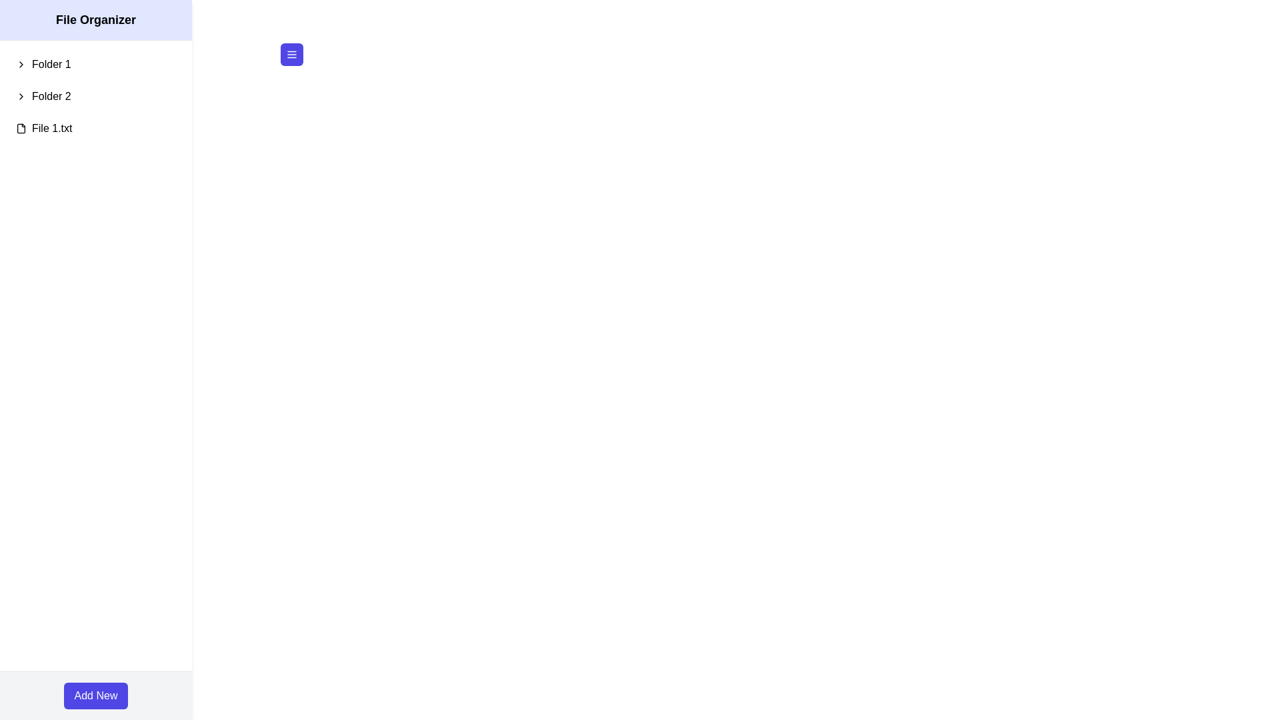 Image resolution: width=1280 pixels, height=720 pixels. What do you see at coordinates (291, 53) in the screenshot?
I see `the small rectangular button with a deep indigo background and white text, which features a menu icon consisting of three horizontal lines stacked vertically, located slightly below the 'File Organizer' header` at bounding box center [291, 53].